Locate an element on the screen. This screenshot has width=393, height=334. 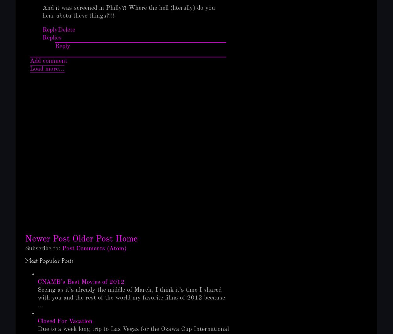
'Delete' is located at coordinates (66, 29).